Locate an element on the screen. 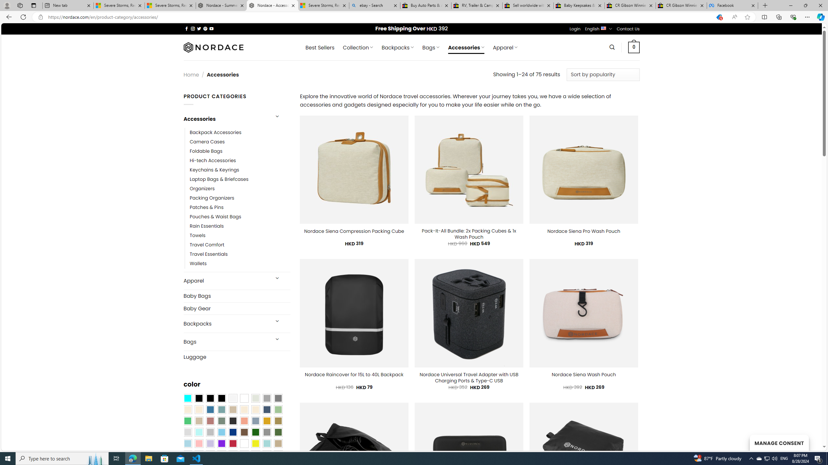  'Facebook' is located at coordinates (732, 5).